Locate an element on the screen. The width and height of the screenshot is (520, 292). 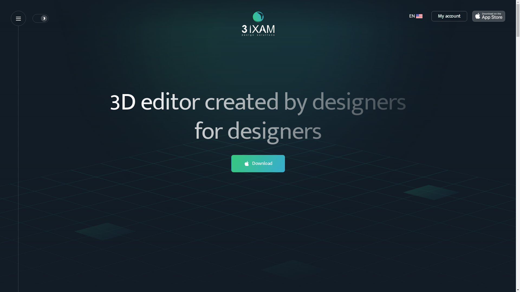
'EN' is located at coordinates (415, 16).